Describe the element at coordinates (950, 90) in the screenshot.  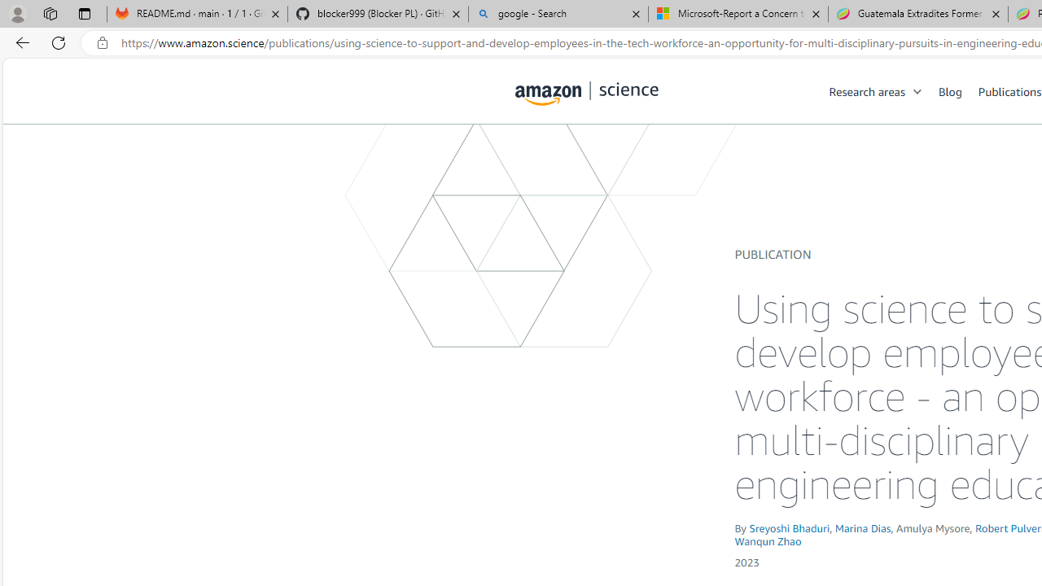
I see `'Blog'` at that location.